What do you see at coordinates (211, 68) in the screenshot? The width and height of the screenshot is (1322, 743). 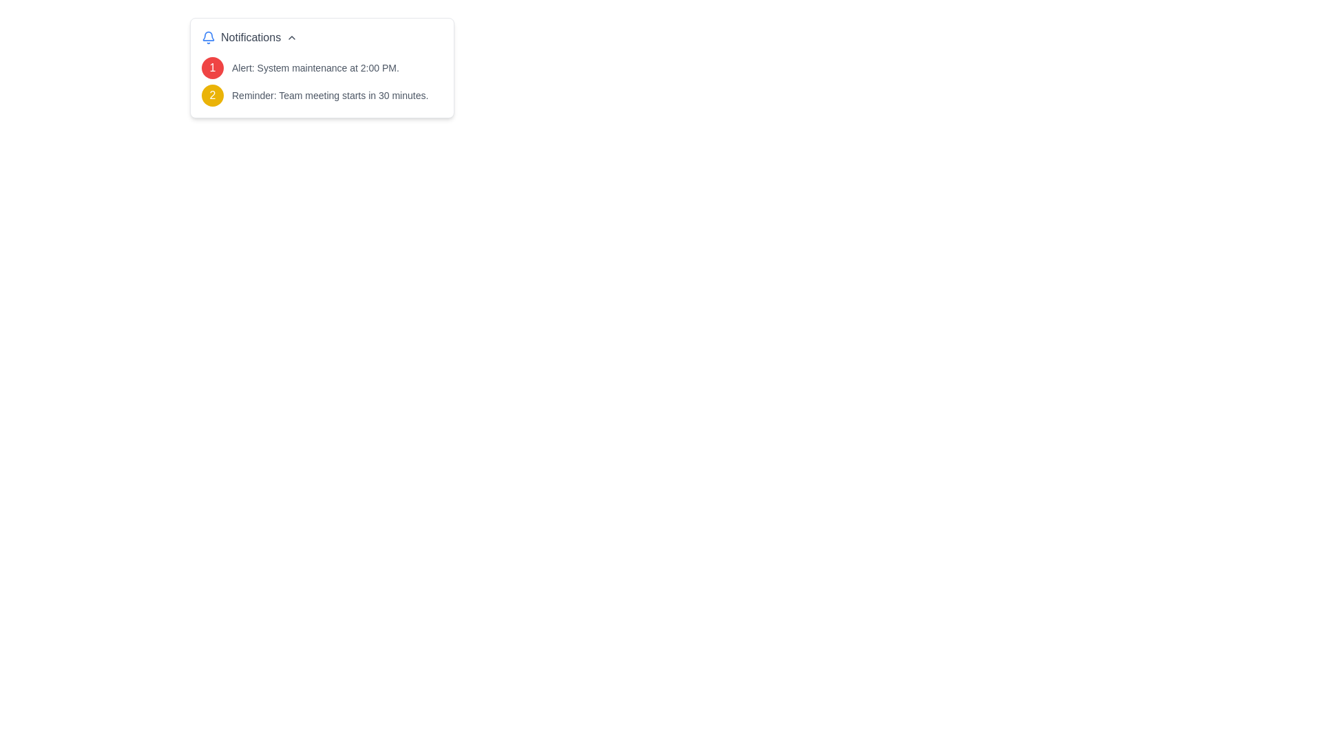 I see `the red circular badge with a white numeral '1' that is located at the top-left corner of the notification box, next to the alert message about system maintenance` at bounding box center [211, 68].